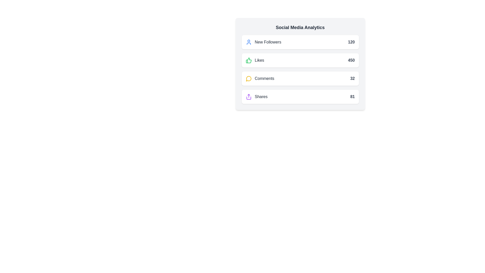 This screenshot has width=485, height=273. I want to click on the text label 'New Followers' located in the first row of the vertical list in the 'Social Media Analytics' card, positioned to the right of the user profile icon, so click(268, 42).